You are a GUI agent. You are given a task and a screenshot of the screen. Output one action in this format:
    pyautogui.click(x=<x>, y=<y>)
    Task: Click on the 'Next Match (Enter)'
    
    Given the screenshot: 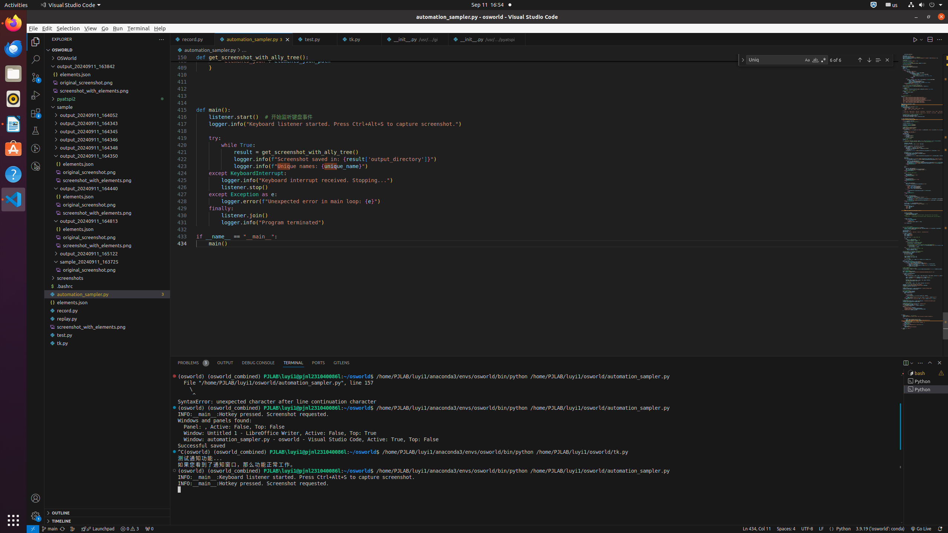 What is the action you would take?
    pyautogui.click(x=869, y=59)
    